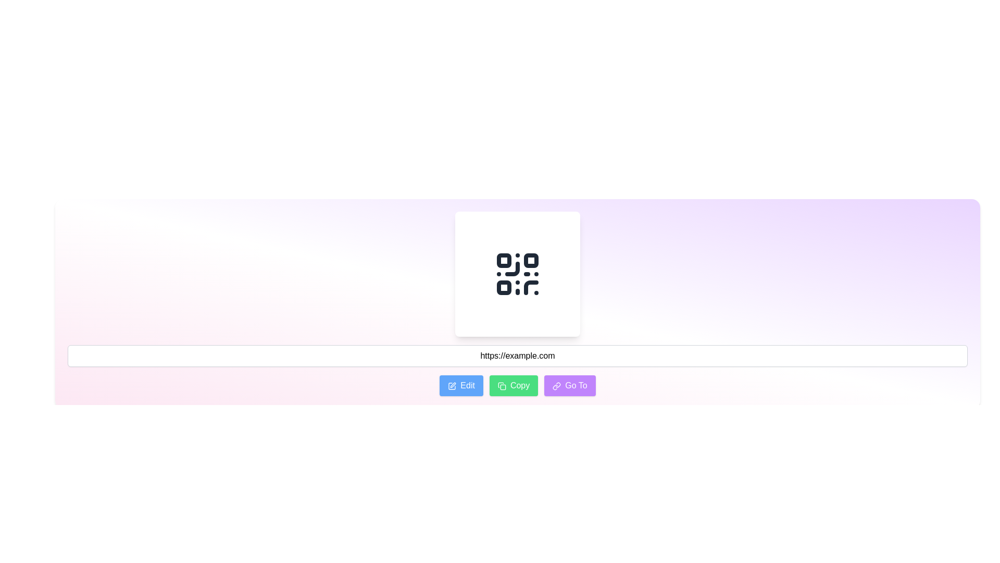 The width and height of the screenshot is (1000, 563). Describe the element at coordinates (531, 260) in the screenshot. I see `the second square from the left in the top row of a QR-code-like layout, which is positioned near the top-right corner of its enclosing group` at that location.